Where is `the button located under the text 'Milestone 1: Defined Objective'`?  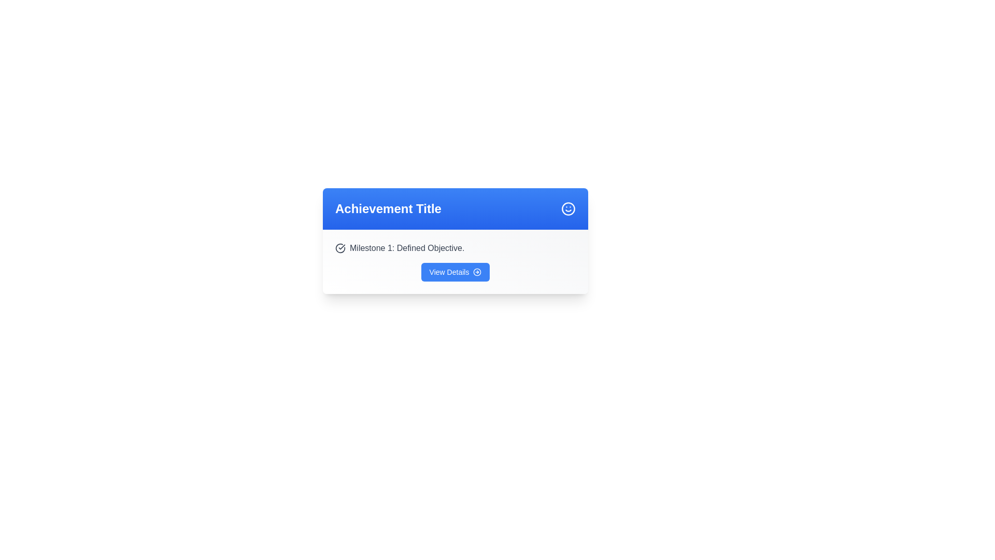
the button located under the text 'Milestone 1: Defined Objective' is located at coordinates (455, 271).